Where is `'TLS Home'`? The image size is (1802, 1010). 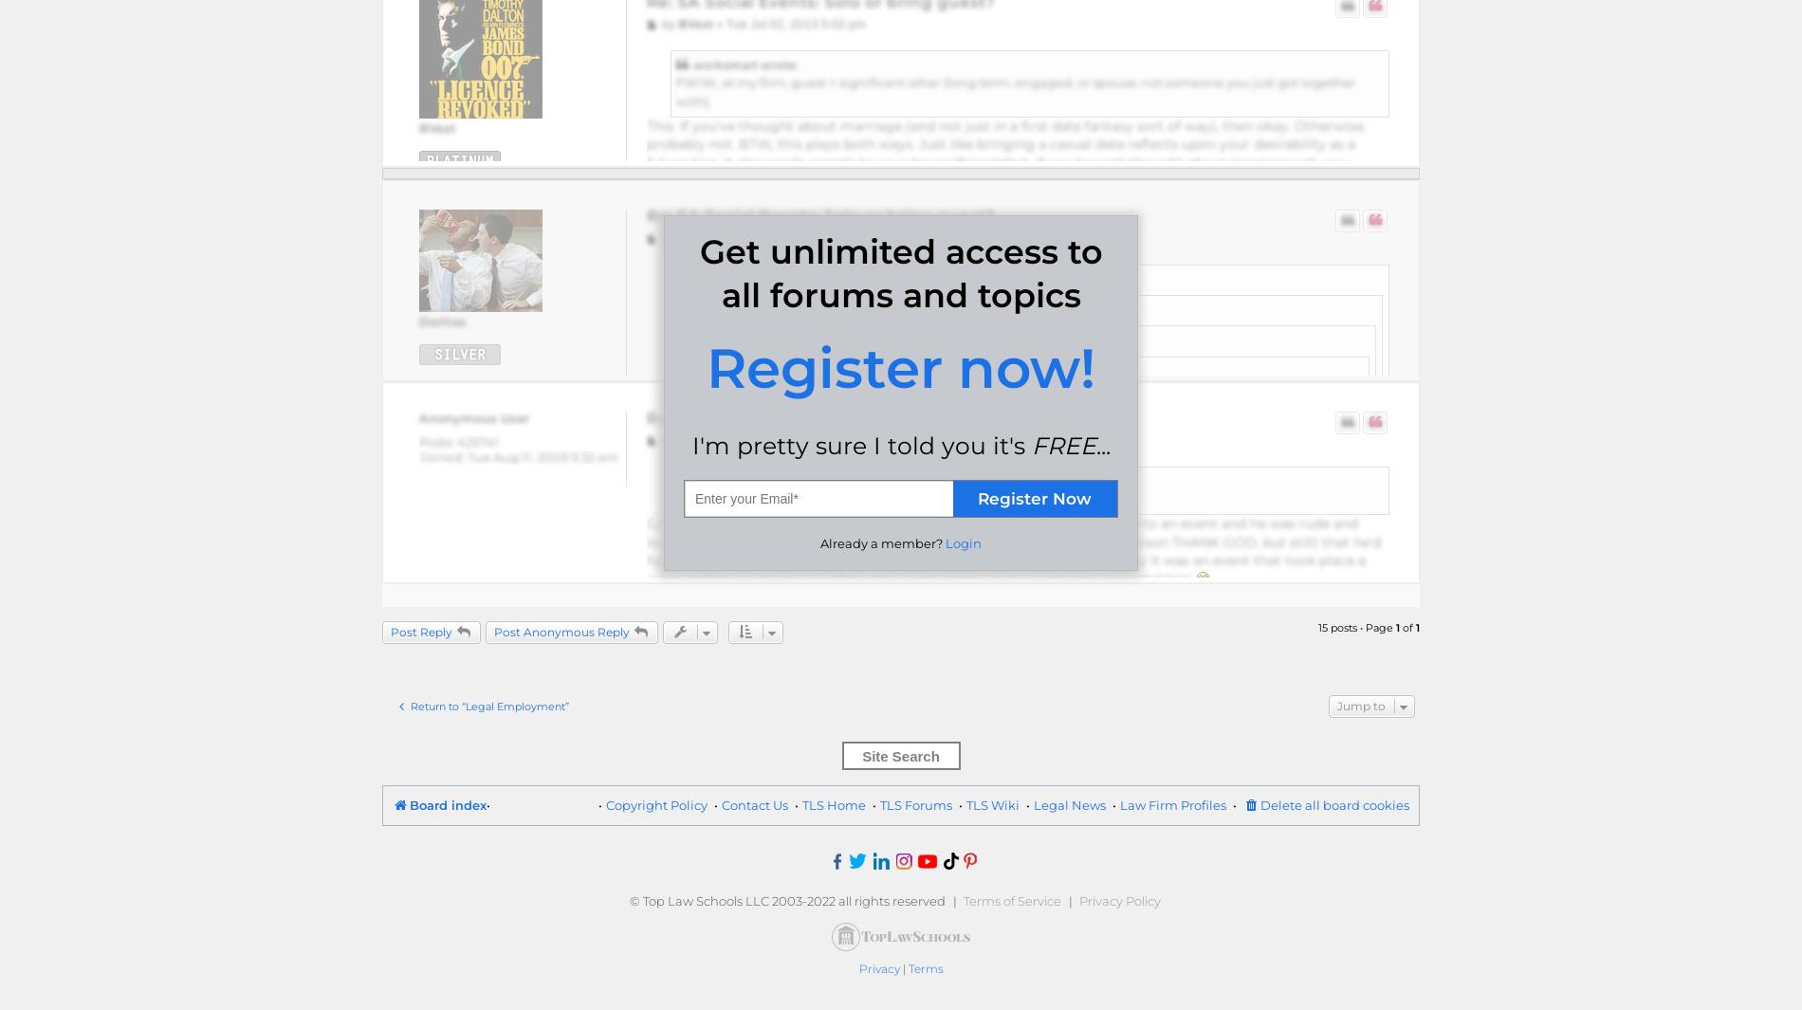 'TLS Home' is located at coordinates (801, 803).